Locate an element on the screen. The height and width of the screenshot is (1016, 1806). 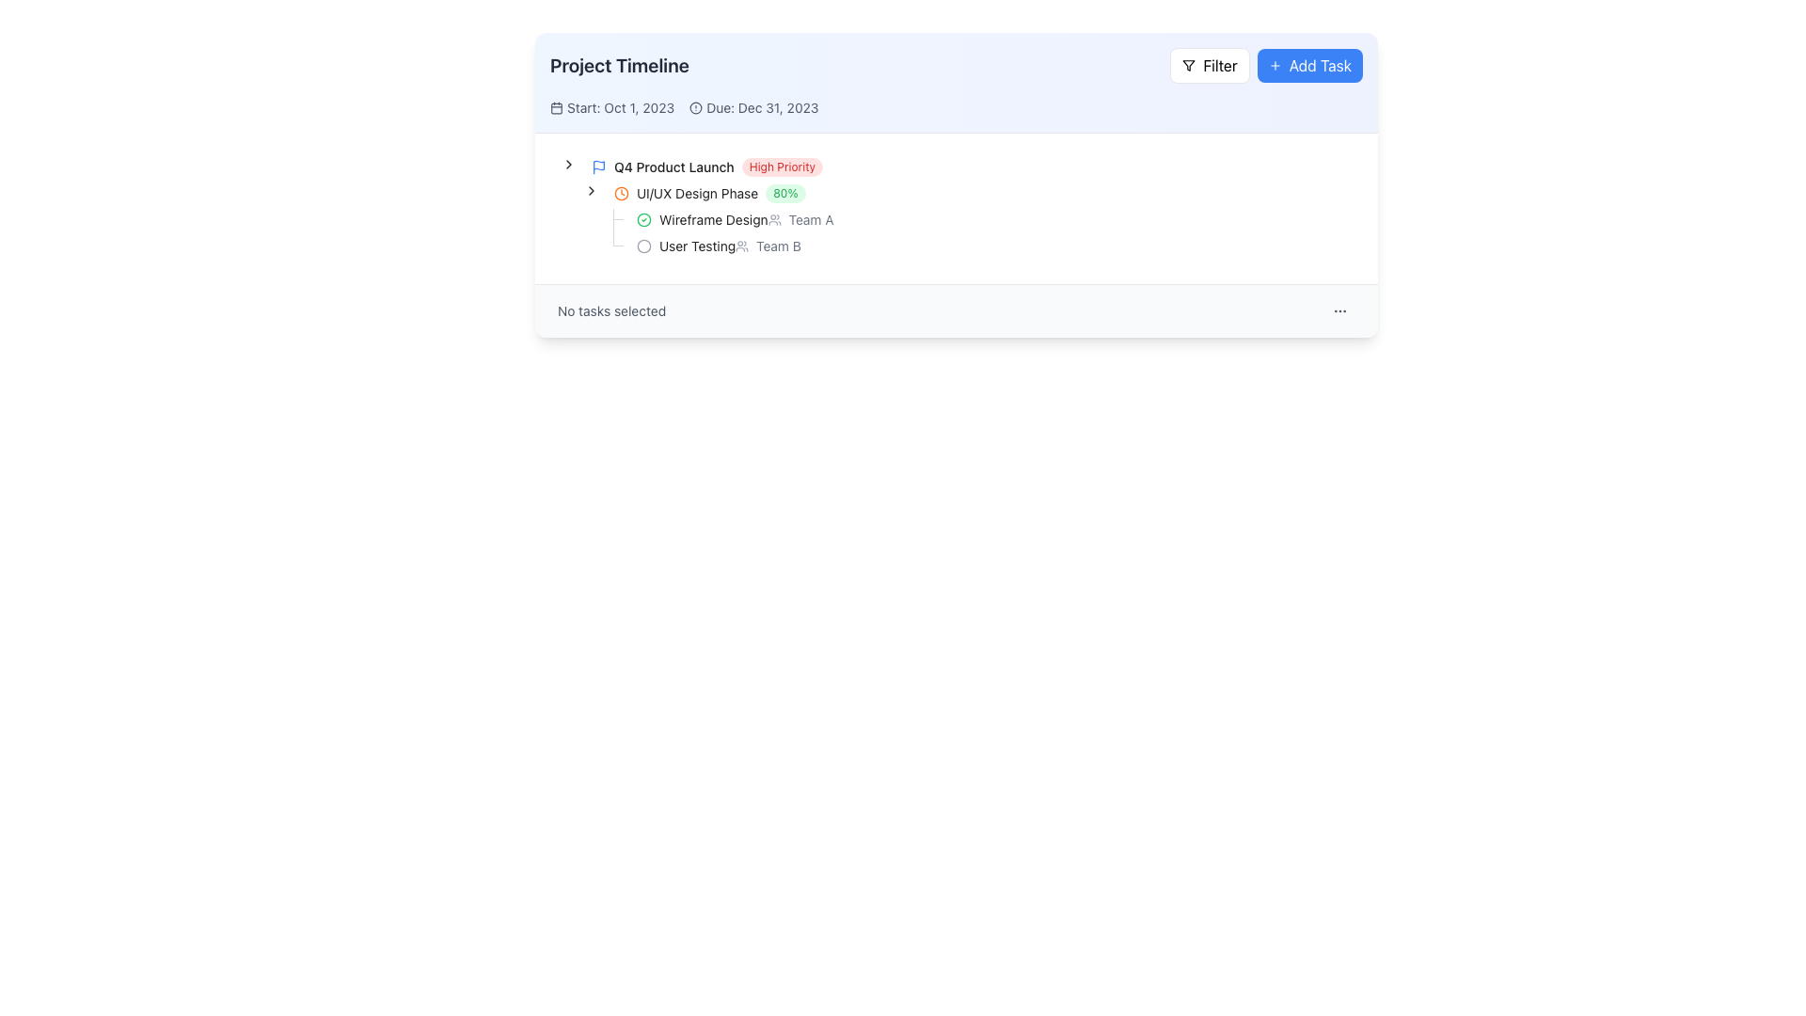
the second graphical spacer or indentation unit in light grey color, which is part of a set of similar units indicating indentation in a tree structure is located at coordinates (590, 246).